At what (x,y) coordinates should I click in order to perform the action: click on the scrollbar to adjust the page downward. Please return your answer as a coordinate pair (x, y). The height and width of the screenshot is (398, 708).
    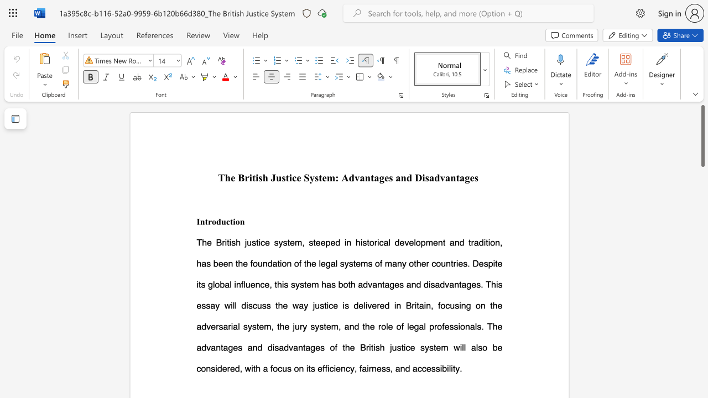
    Looking at the image, I should click on (702, 375).